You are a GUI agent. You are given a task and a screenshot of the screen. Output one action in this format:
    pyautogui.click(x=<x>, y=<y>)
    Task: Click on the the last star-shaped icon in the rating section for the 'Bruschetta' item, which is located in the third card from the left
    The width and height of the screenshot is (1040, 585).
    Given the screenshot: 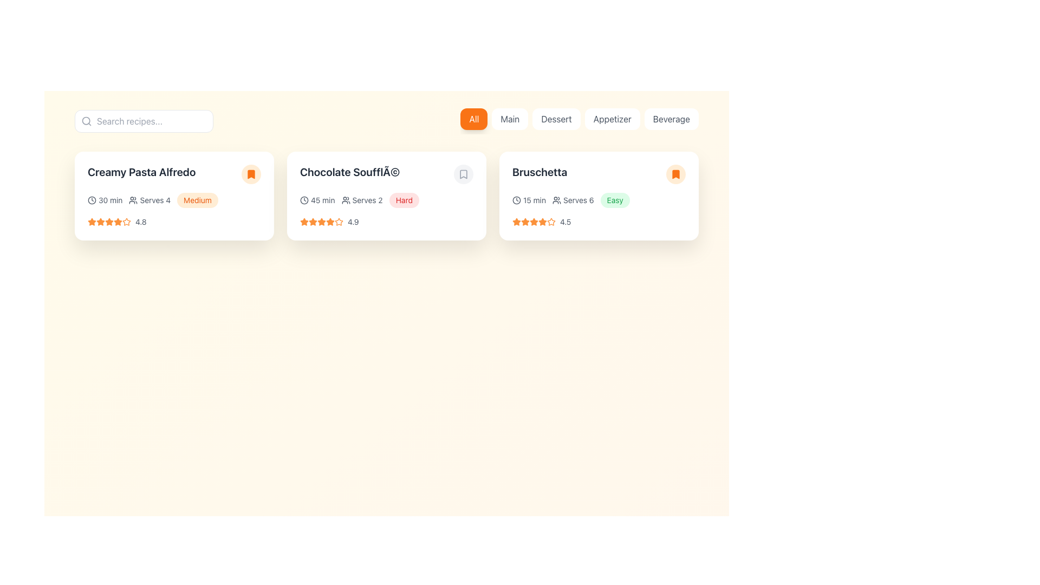 What is the action you would take?
    pyautogui.click(x=551, y=221)
    